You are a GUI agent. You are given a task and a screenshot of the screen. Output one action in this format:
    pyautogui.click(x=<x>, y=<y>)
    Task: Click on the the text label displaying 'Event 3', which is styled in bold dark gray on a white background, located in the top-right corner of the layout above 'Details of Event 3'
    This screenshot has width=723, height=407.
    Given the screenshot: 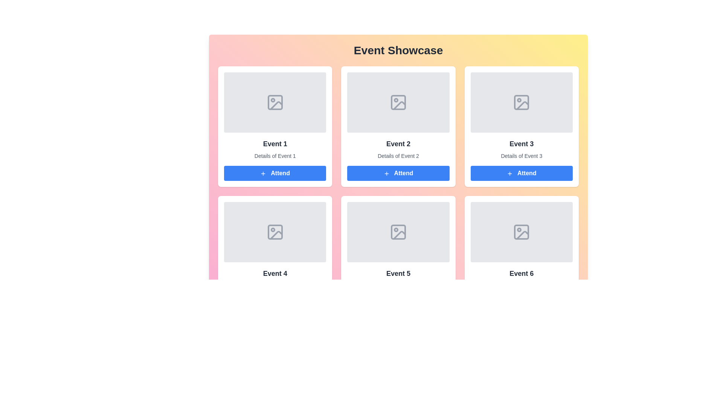 What is the action you would take?
    pyautogui.click(x=521, y=144)
    